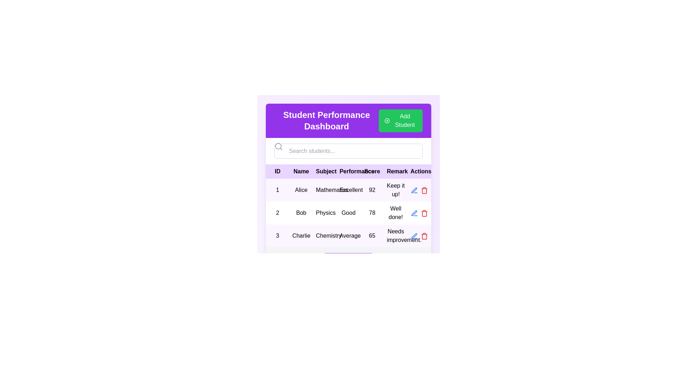  What do you see at coordinates (301, 213) in the screenshot?
I see `the text label displaying the name 'Bob', which is the second entry in the list of students located in the 'Name' column of the table` at bounding box center [301, 213].